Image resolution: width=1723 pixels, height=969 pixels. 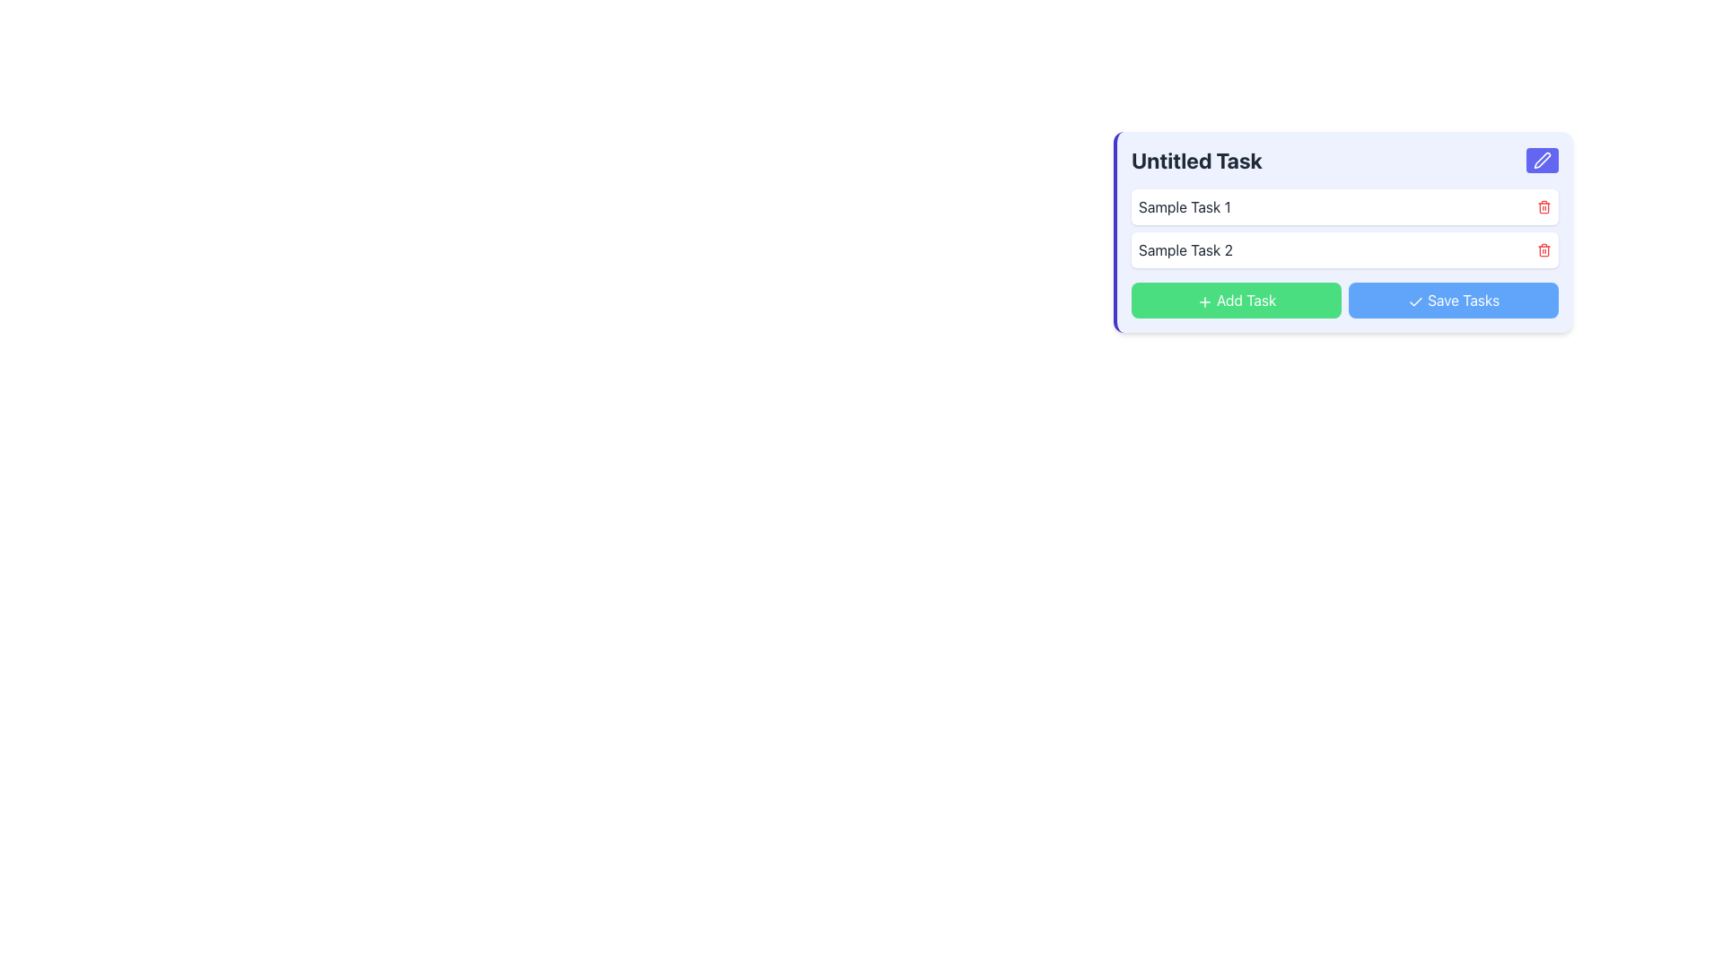 I want to click on the static text label displaying the name of the second task in the task list, located between 'Sample Task 1' and the '+' button, so click(x=1185, y=249).